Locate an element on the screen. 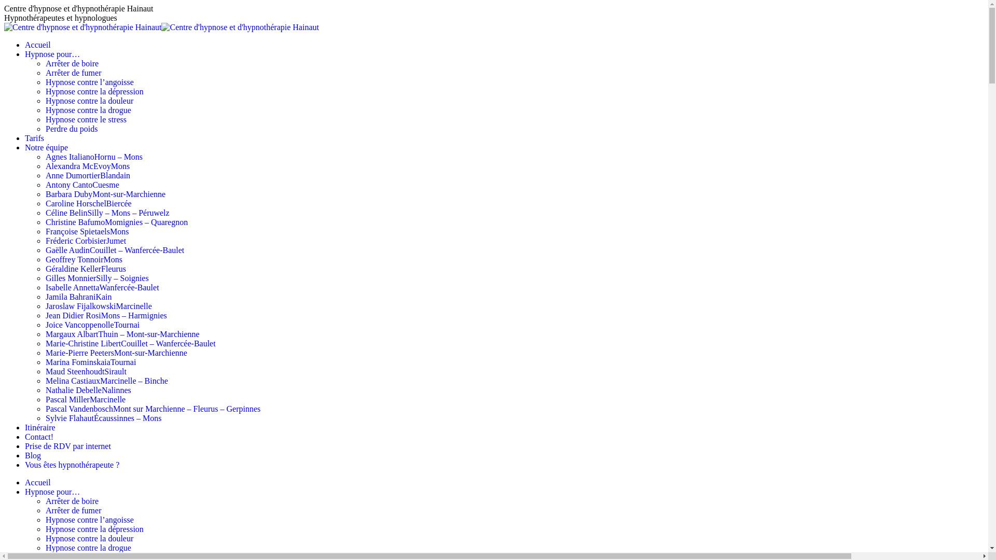 Image resolution: width=996 pixels, height=560 pixels. 'Blog' is located at coordinates (33, 455).